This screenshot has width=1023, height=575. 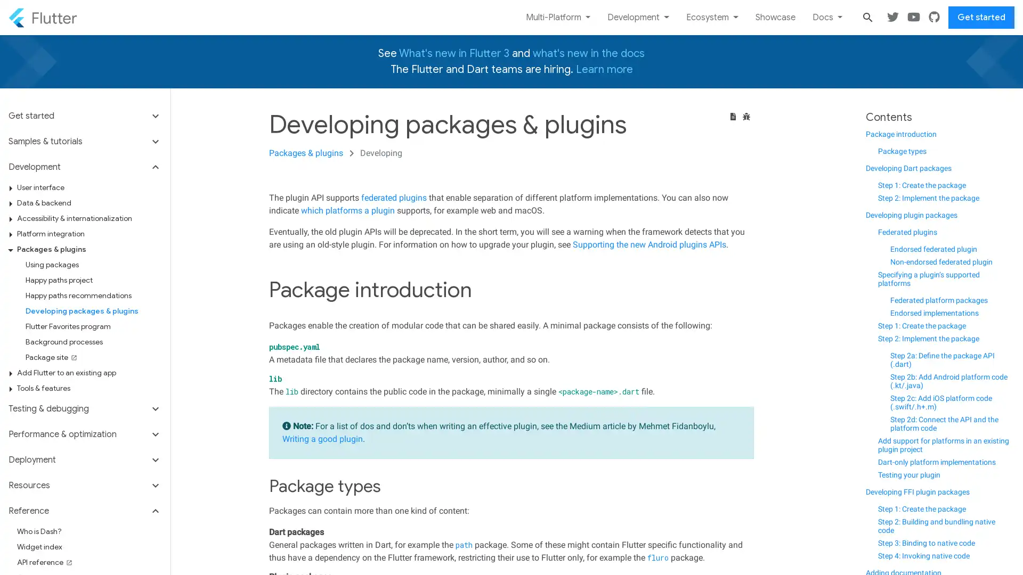 What do you see at coordinates (84, 459) in the screenshot?
I see `Deployment keyboard_arrow_down` at bounding box center [84, 459].